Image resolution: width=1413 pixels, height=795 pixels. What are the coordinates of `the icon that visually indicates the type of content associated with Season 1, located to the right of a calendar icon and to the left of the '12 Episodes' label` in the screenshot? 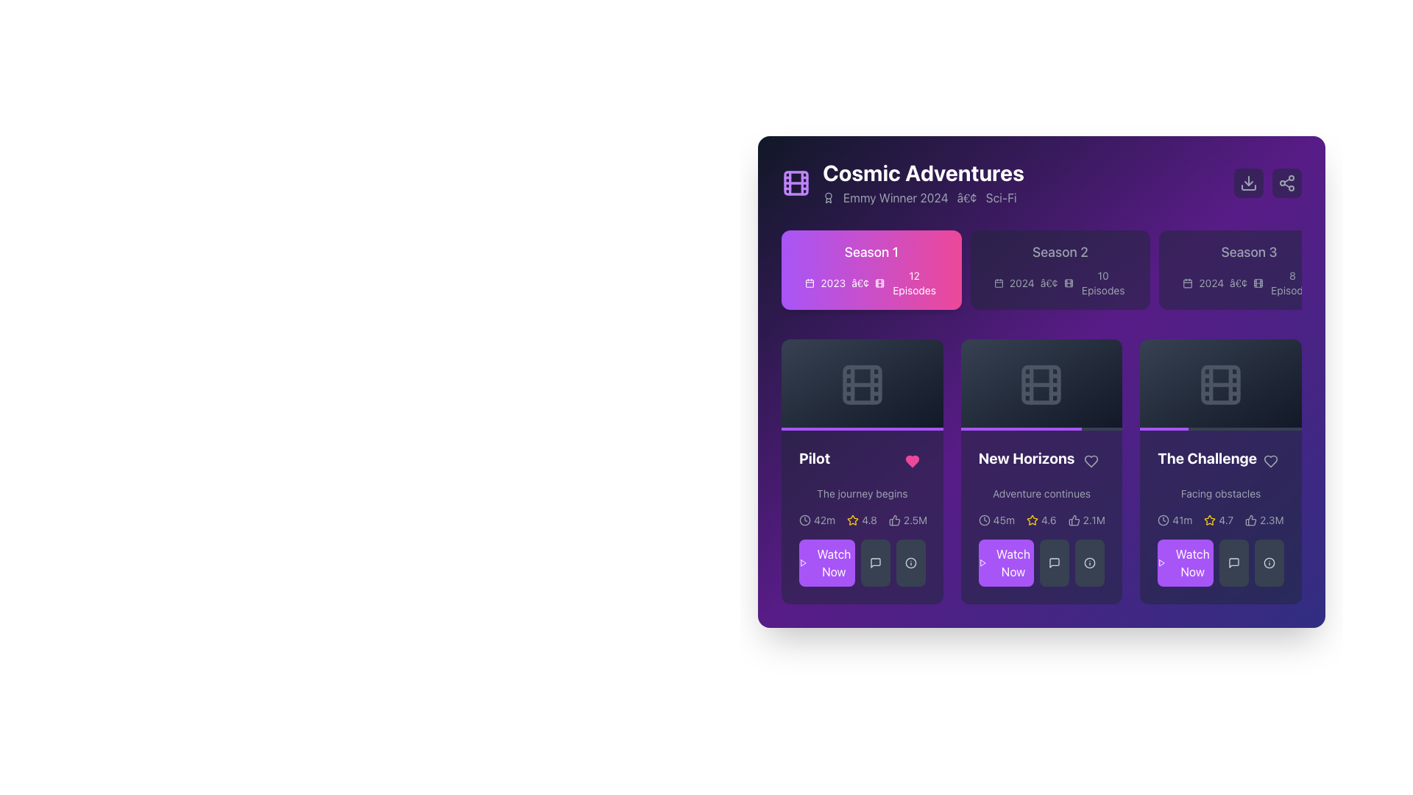 It's located at (879, 283).